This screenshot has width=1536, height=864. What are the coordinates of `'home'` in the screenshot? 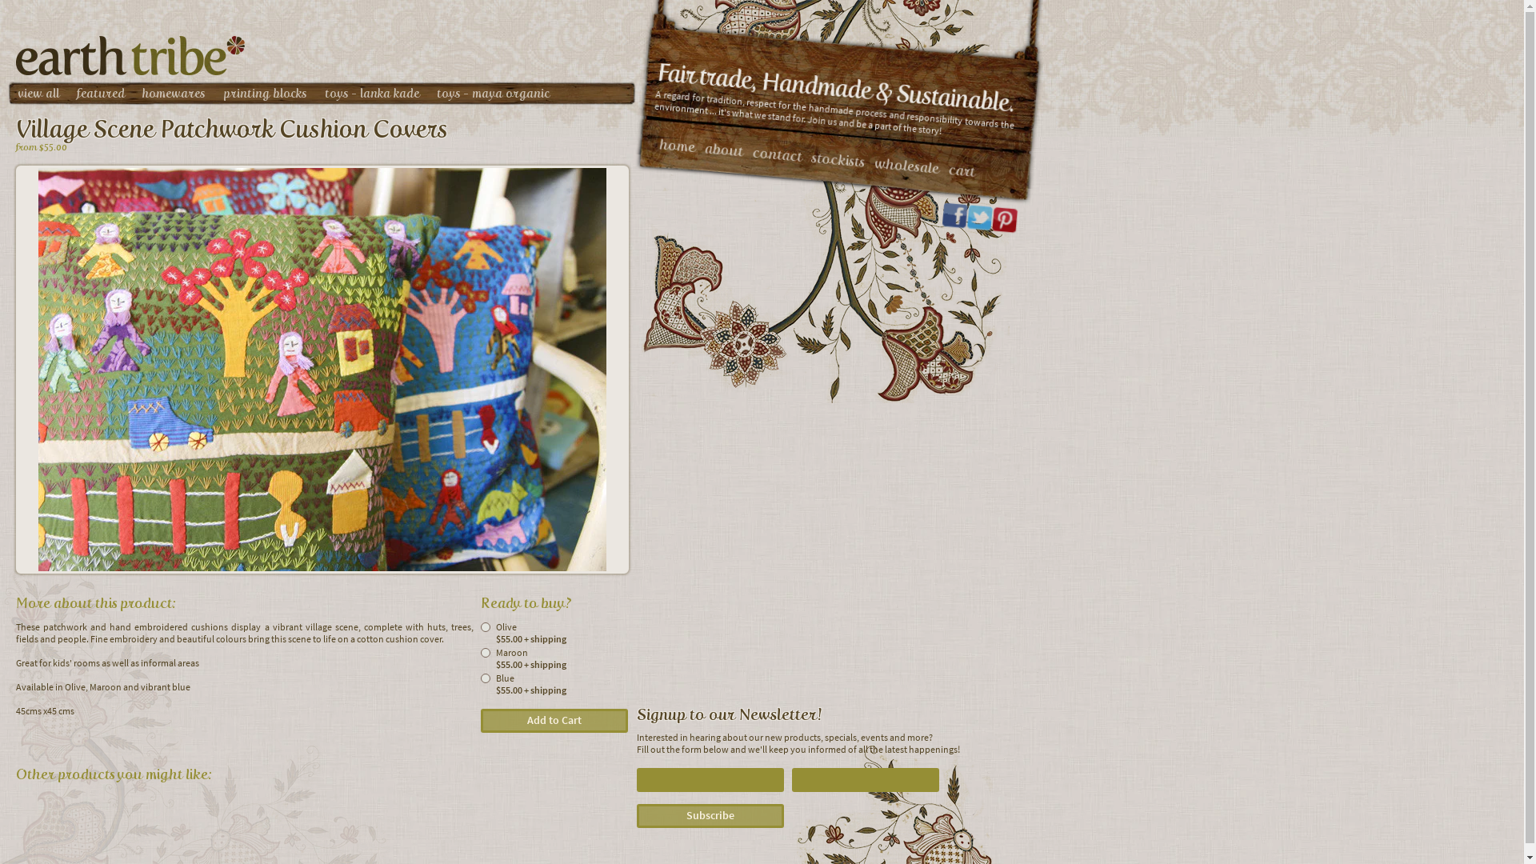 It's located at (658, 144).